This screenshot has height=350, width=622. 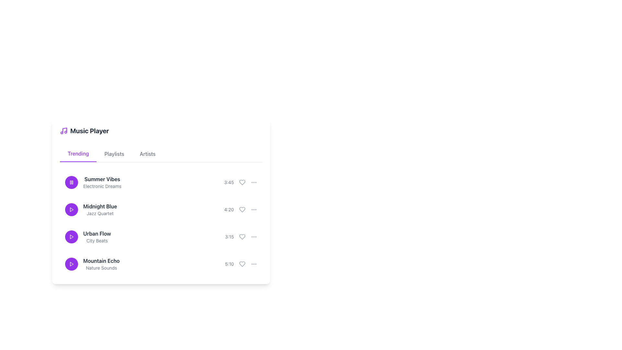 What do you see at coordinates (253, 182) in the screenshot?
I see `the Icon Button, which resembles an ellipsis icon with three horizontally aligned gray dots, located to the right of the time display '3:45' in the music player interface` at bounding box center [253, 182].